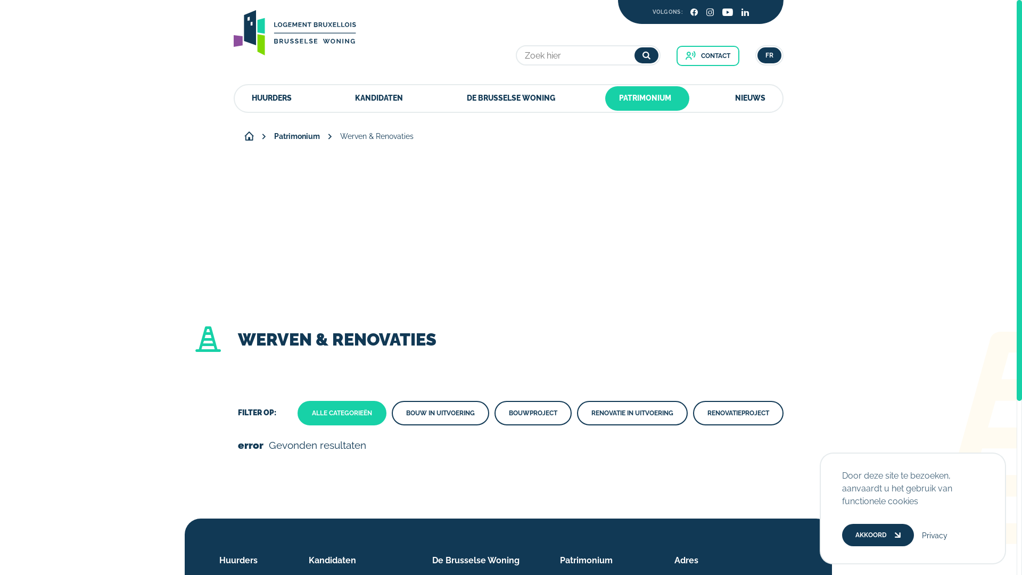  Describe the element at coordinates (533, 412) in the screenshot. I see `'BOUWPROJECT'` at that location.